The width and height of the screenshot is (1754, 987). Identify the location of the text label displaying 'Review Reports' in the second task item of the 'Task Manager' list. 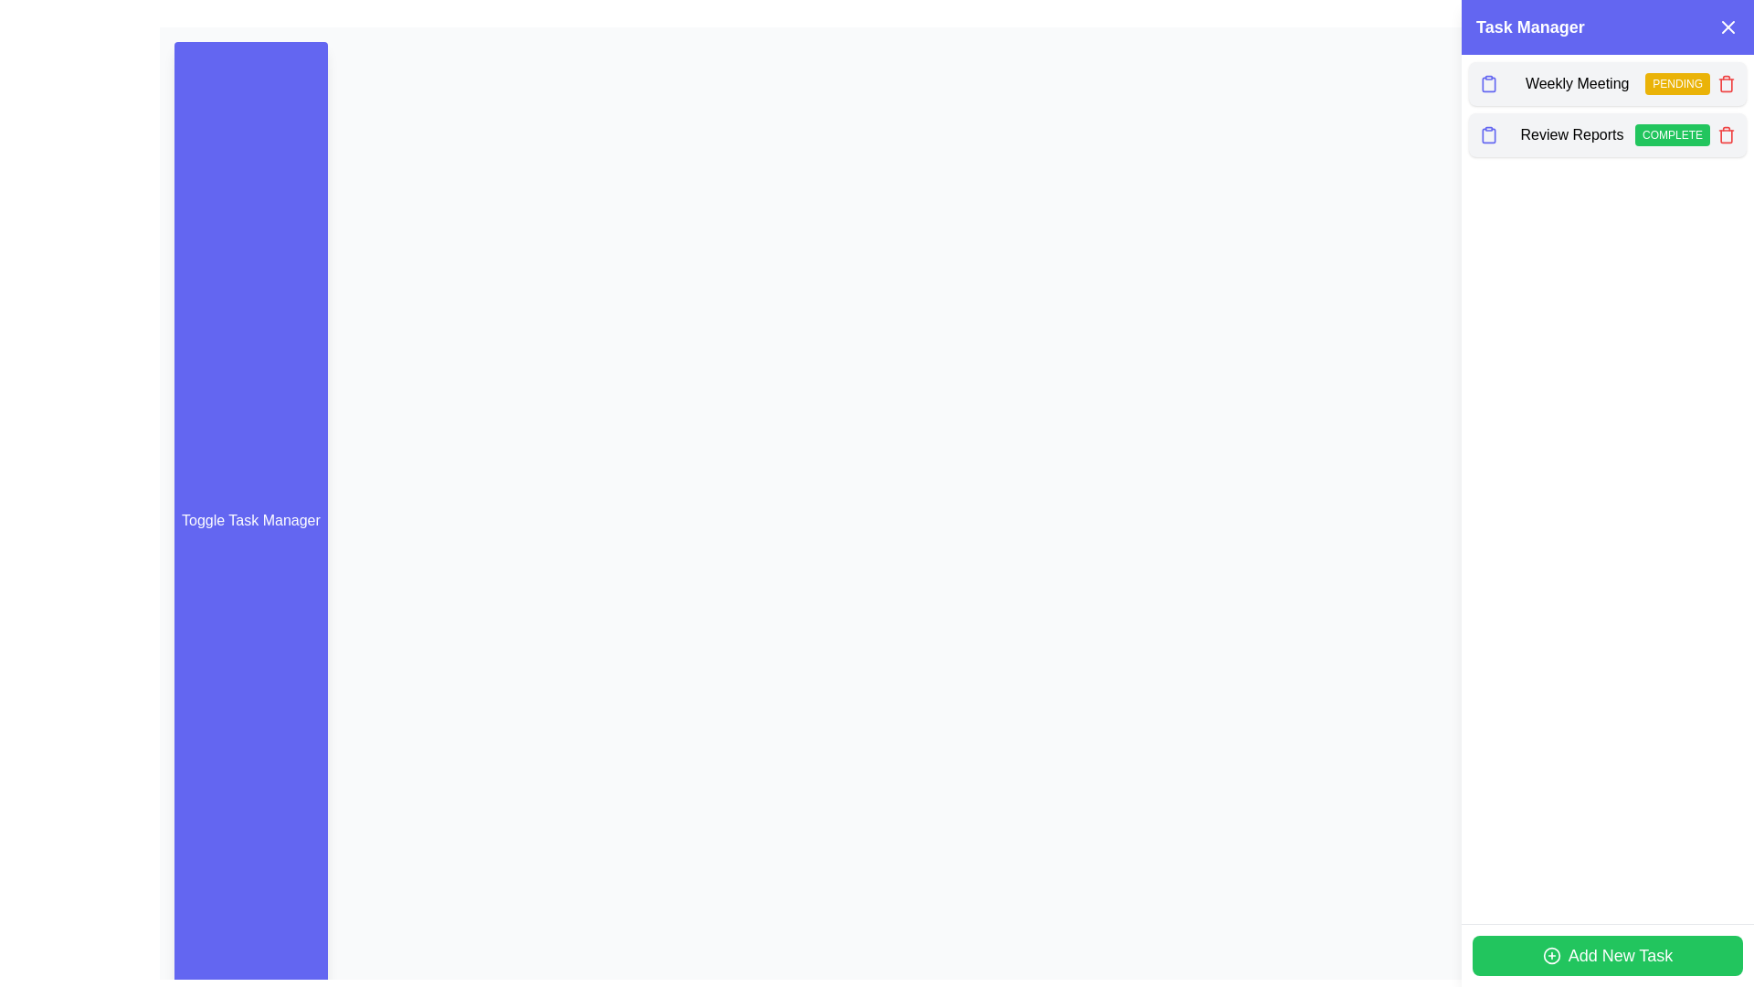
(1570, 133).